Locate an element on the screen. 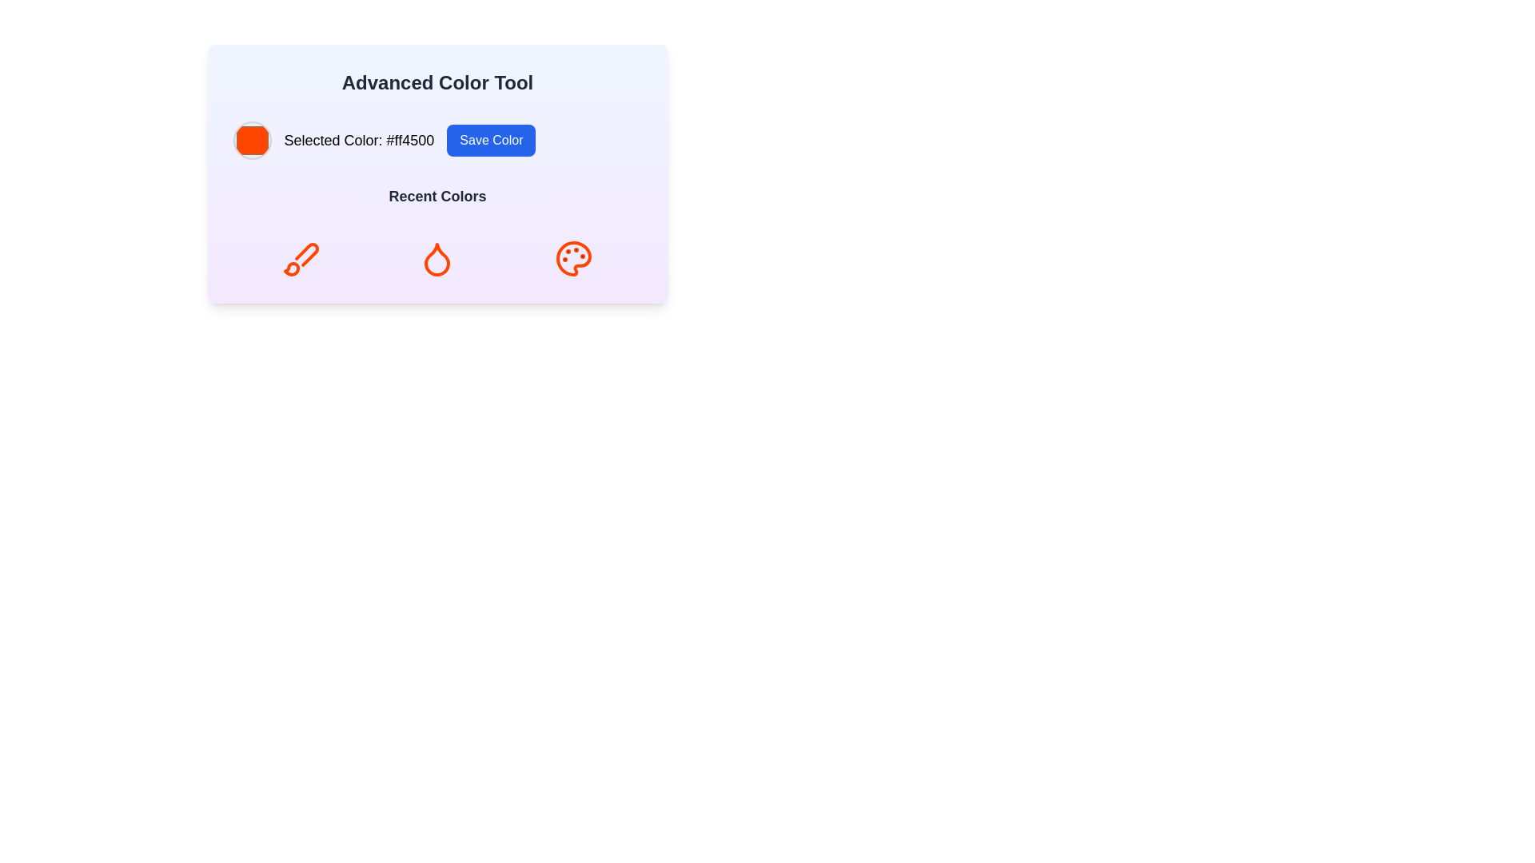 This screenshot has width=1535, height=863. the color palette icon located as the third icon from the left in a horizontal line of three icons for color-related actions is located at coordinates (574, 258).